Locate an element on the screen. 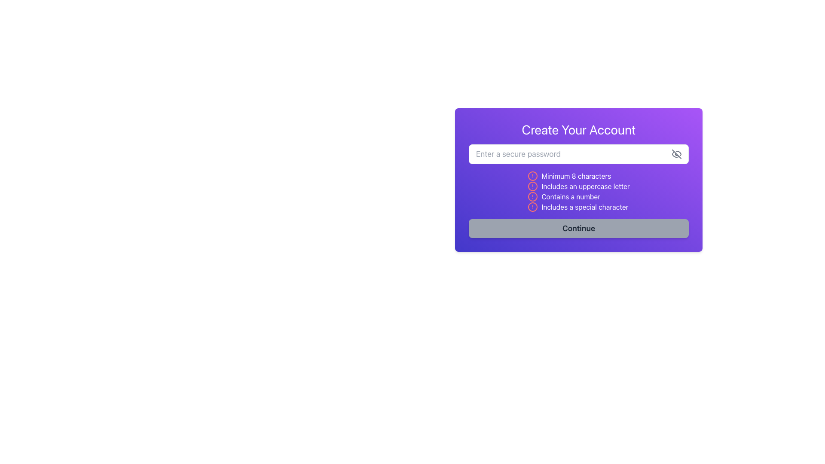  the warning icon indicating the unmet condition for an uppercase letter in the password requirement, positioned to the left of the text 'Includes an uppercase letter' is located at coordinates (532, 186).